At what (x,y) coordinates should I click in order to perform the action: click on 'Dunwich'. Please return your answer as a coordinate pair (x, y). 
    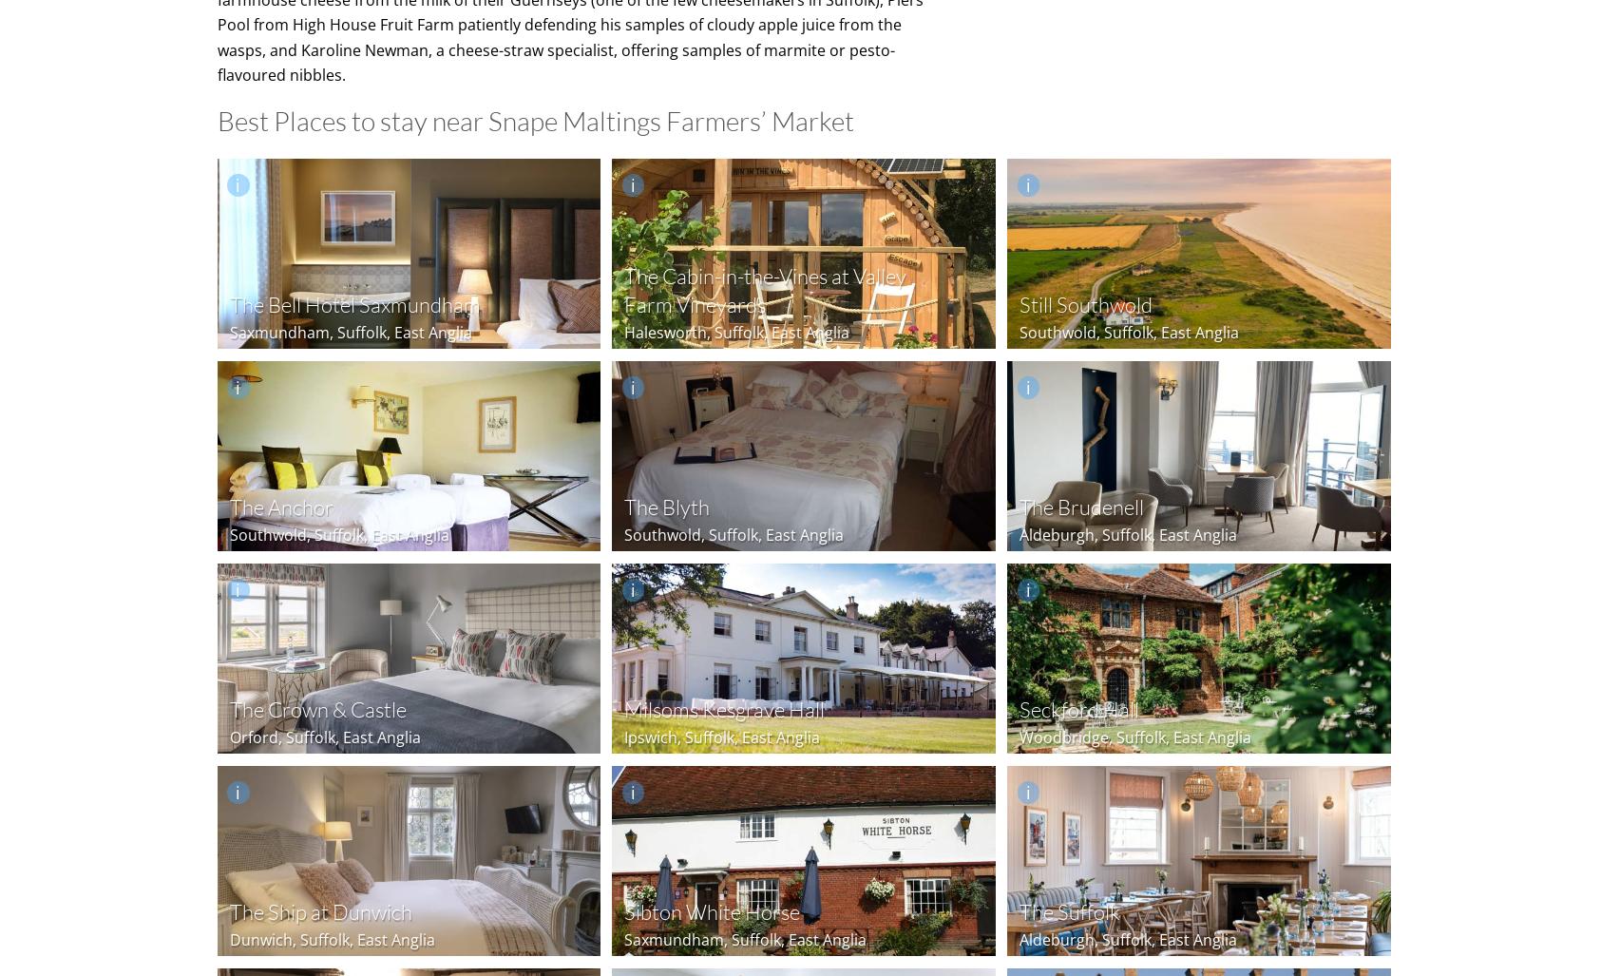
    Looking at the image, I should click on (259, 937).